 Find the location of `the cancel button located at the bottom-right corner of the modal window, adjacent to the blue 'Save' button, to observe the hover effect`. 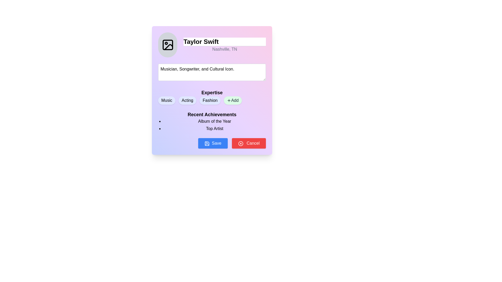

the cancel button located at the bottom-right corner of the modal window, adjacent to the blue 'Save' button, to observe the hover effect is located at coordinates (248, 143).